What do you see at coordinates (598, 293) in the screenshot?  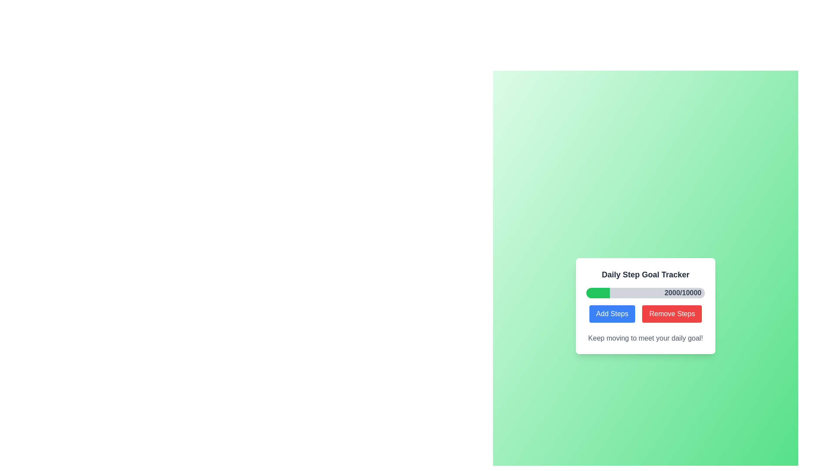 I see `the current width of the progress bar segment which visually indicates 20% of the total goal, positioned to the left of the text '2000/10000'` at bounding box center [598, 293].